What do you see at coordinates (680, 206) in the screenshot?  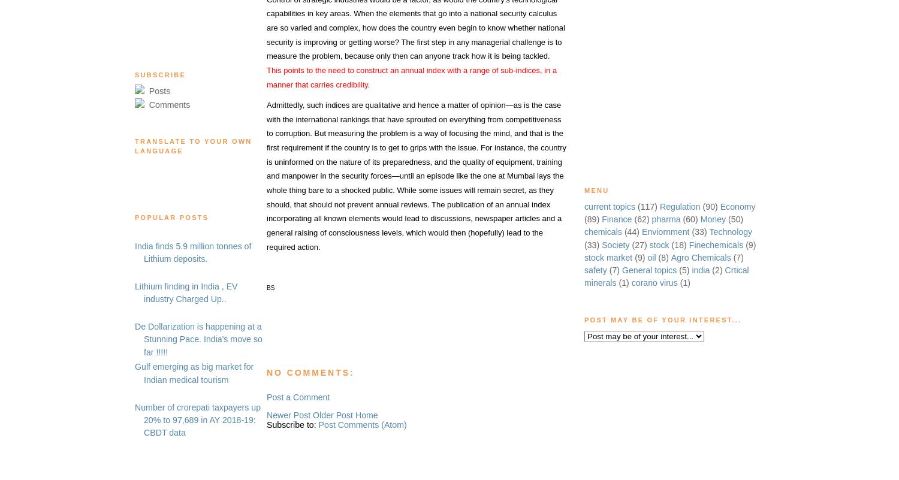 I see `'Regulation'` at bounding box center [680, 206].